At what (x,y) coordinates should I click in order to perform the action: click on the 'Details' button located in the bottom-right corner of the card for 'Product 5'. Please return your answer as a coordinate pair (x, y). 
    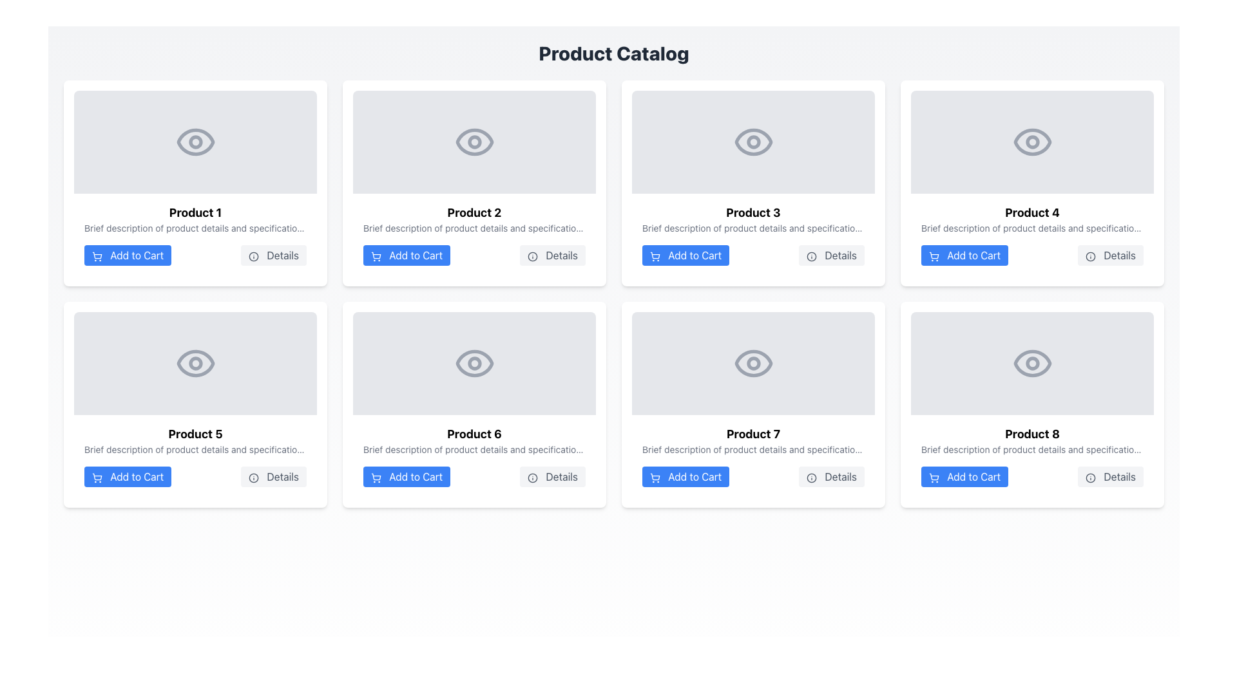
    Looking at the image, I should click on (273, 476).